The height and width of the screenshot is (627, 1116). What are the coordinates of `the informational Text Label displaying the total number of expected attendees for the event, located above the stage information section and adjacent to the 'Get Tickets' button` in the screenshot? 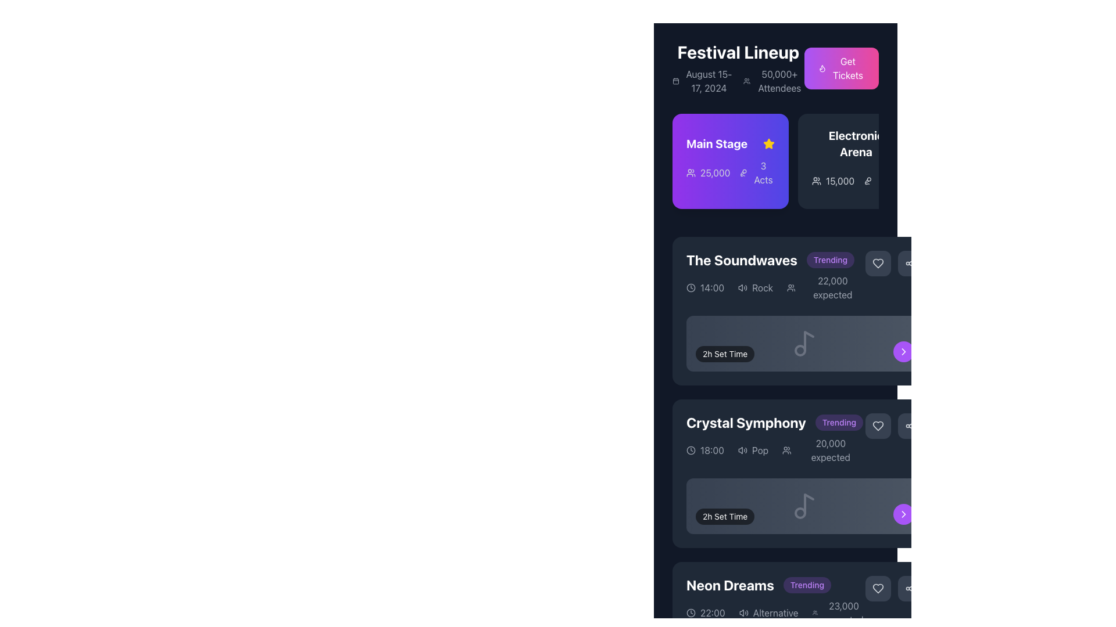 It's located at (779, 80).